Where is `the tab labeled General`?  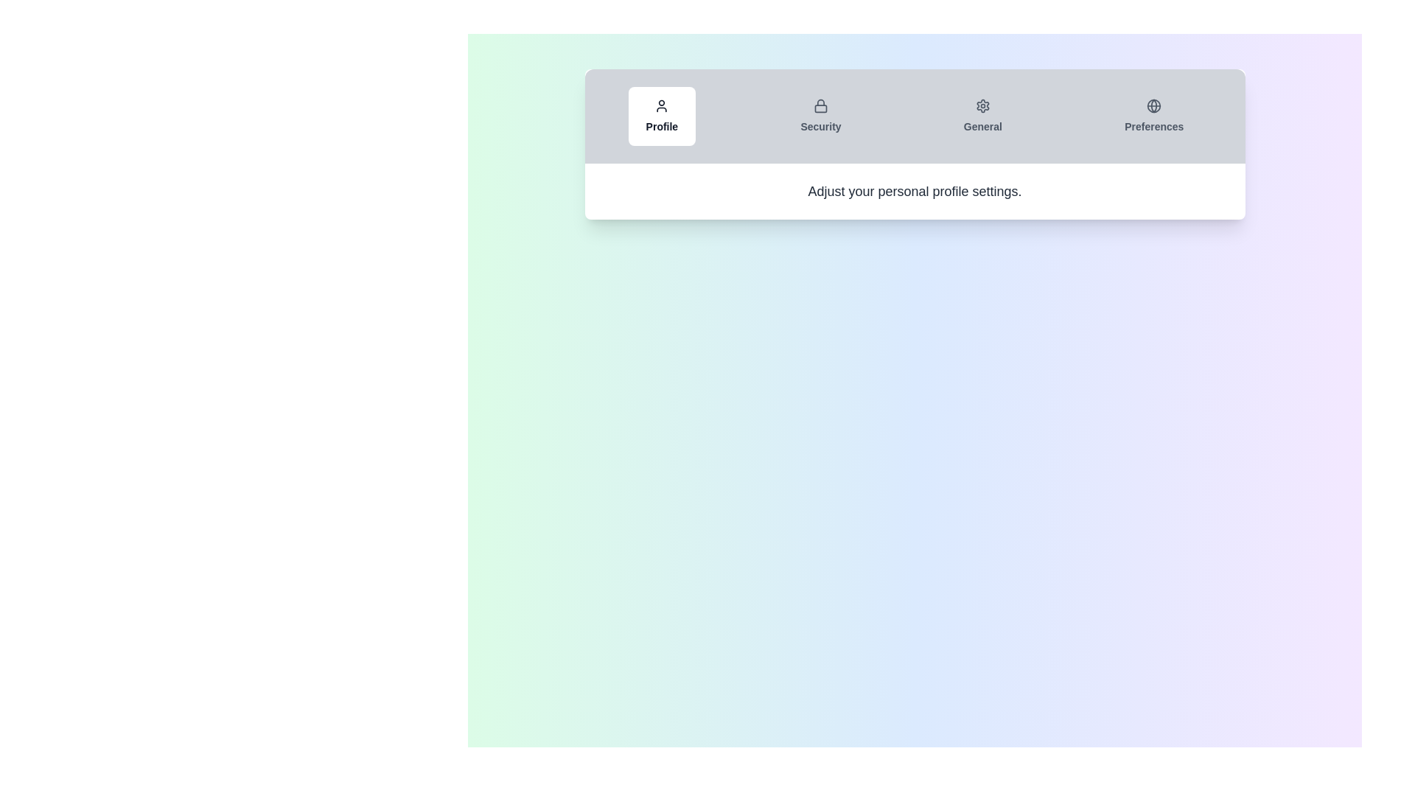
the tab labeled General is located at coordinates (982, 116).